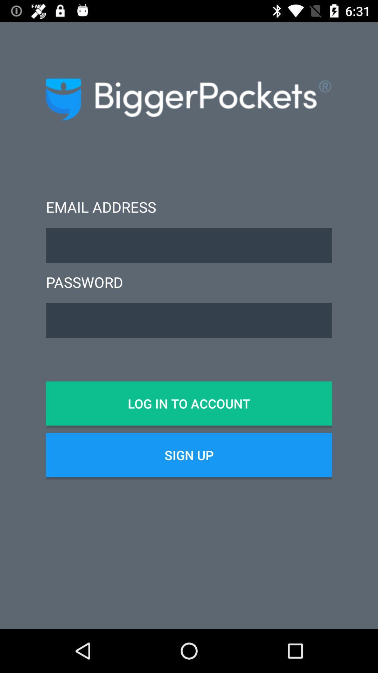 The height and width of the screenshot is (673, 378). I want to click on sign up button, so click(189, 455).